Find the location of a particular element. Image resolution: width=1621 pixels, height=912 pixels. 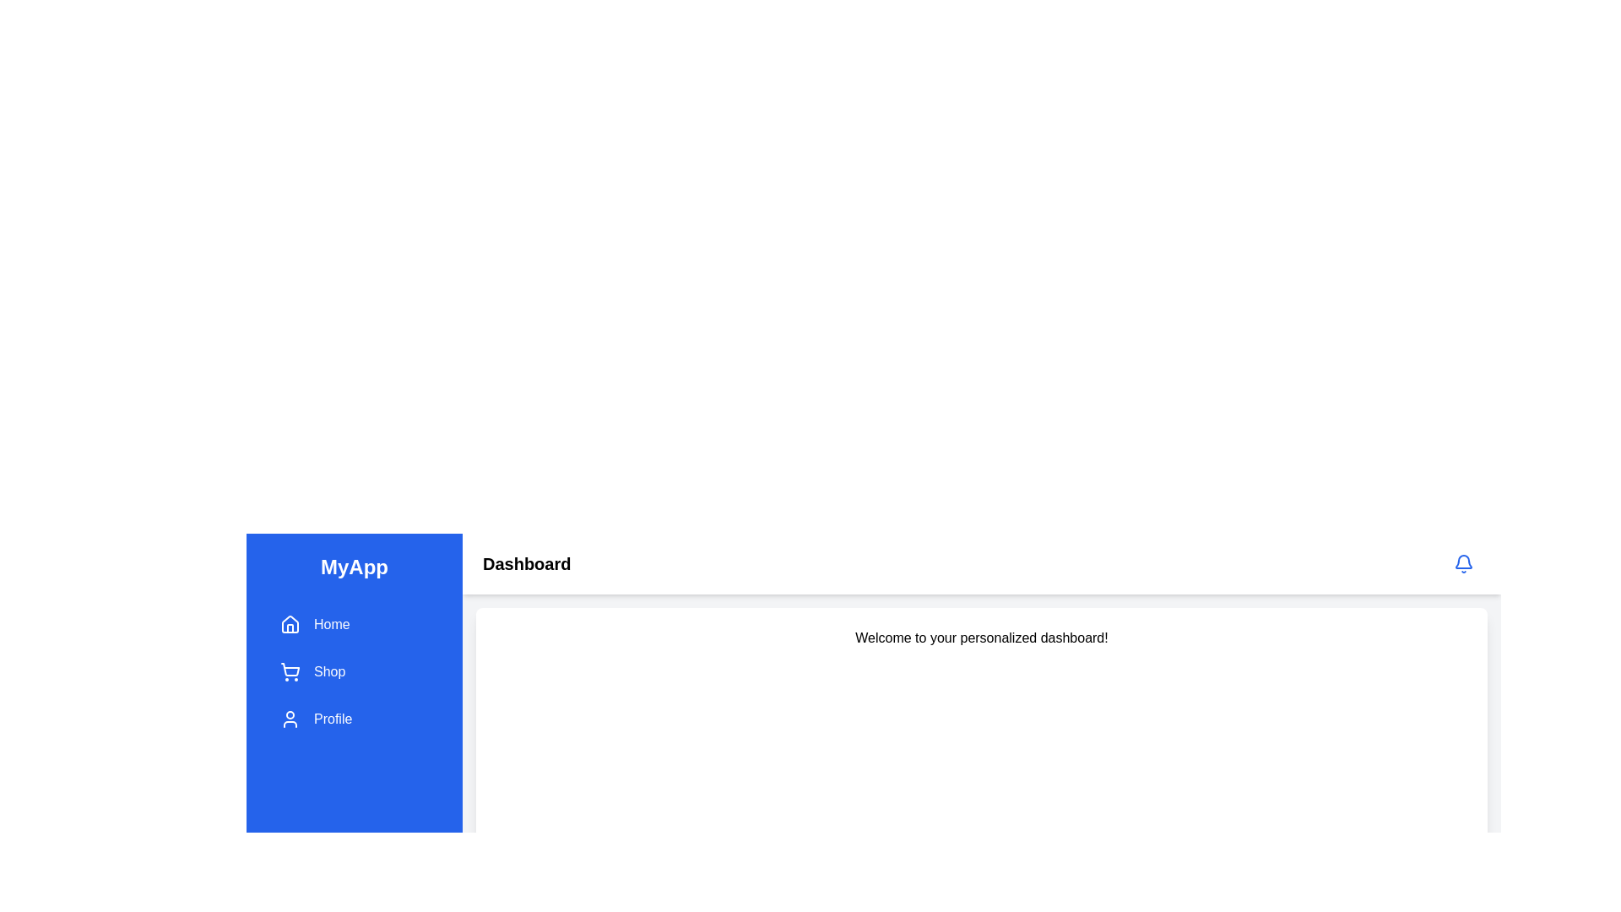

the notification icon located in the upper right area of the interface is located at coordinates (1462, 563).